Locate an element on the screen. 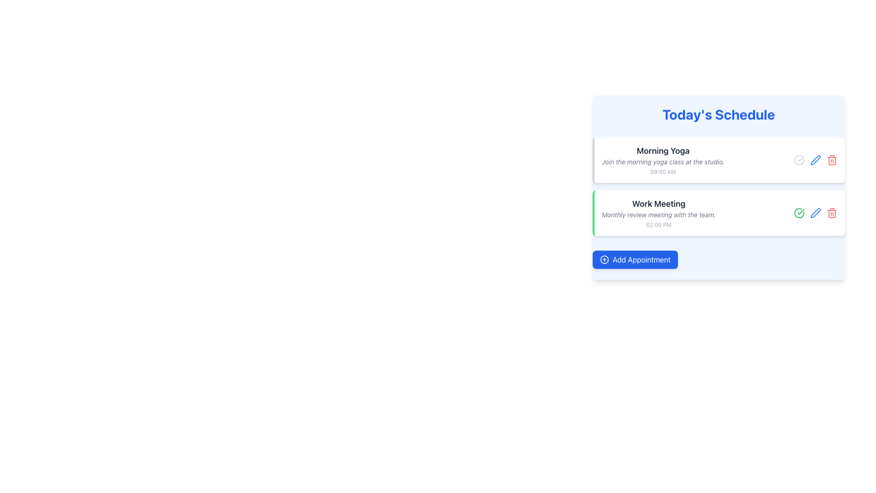 The height and width of the screenshot is (493, 876). the Pen/Editor icon located in the 'Work Meeting' row within the 'Today's Schedule' section is located at coordinates (816, 159).